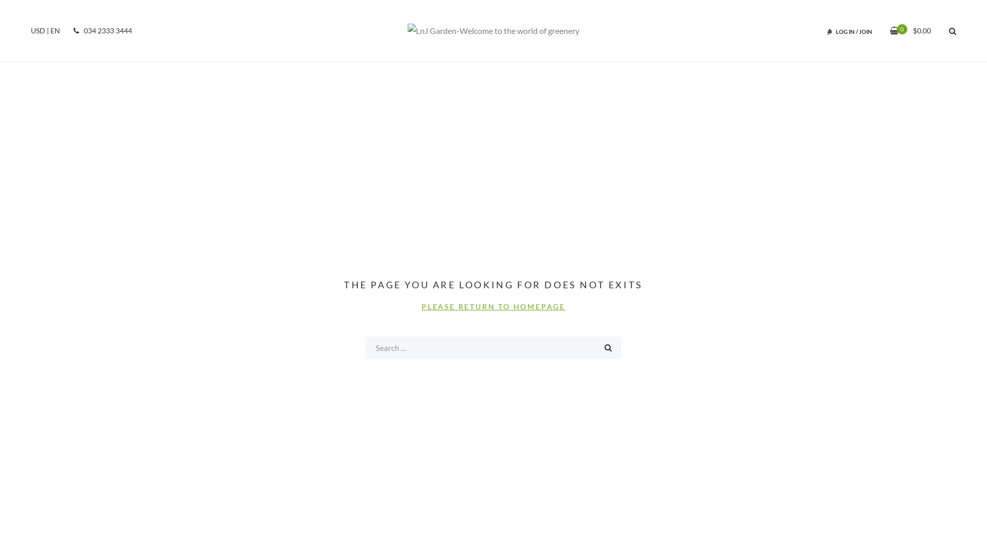  What do you see at coordinates (836, 31) in the screenshot?
I see `'LOG IN'` at bounding box center [836, 31].